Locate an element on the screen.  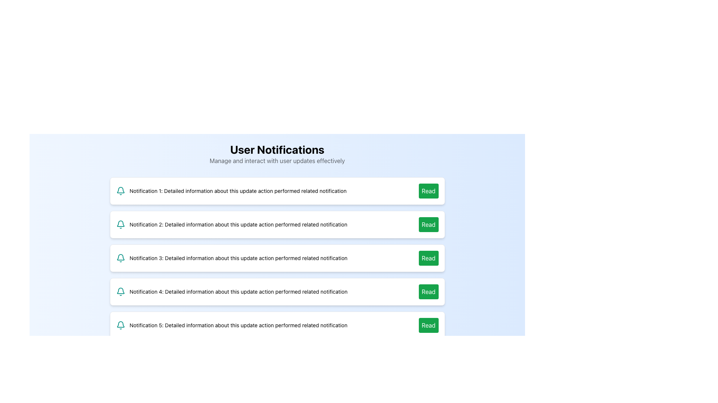
the text component displaying 'Notification 5: Detailed information about this update action performed related notification' to trigger additional information is located at coordinates (238, 325).